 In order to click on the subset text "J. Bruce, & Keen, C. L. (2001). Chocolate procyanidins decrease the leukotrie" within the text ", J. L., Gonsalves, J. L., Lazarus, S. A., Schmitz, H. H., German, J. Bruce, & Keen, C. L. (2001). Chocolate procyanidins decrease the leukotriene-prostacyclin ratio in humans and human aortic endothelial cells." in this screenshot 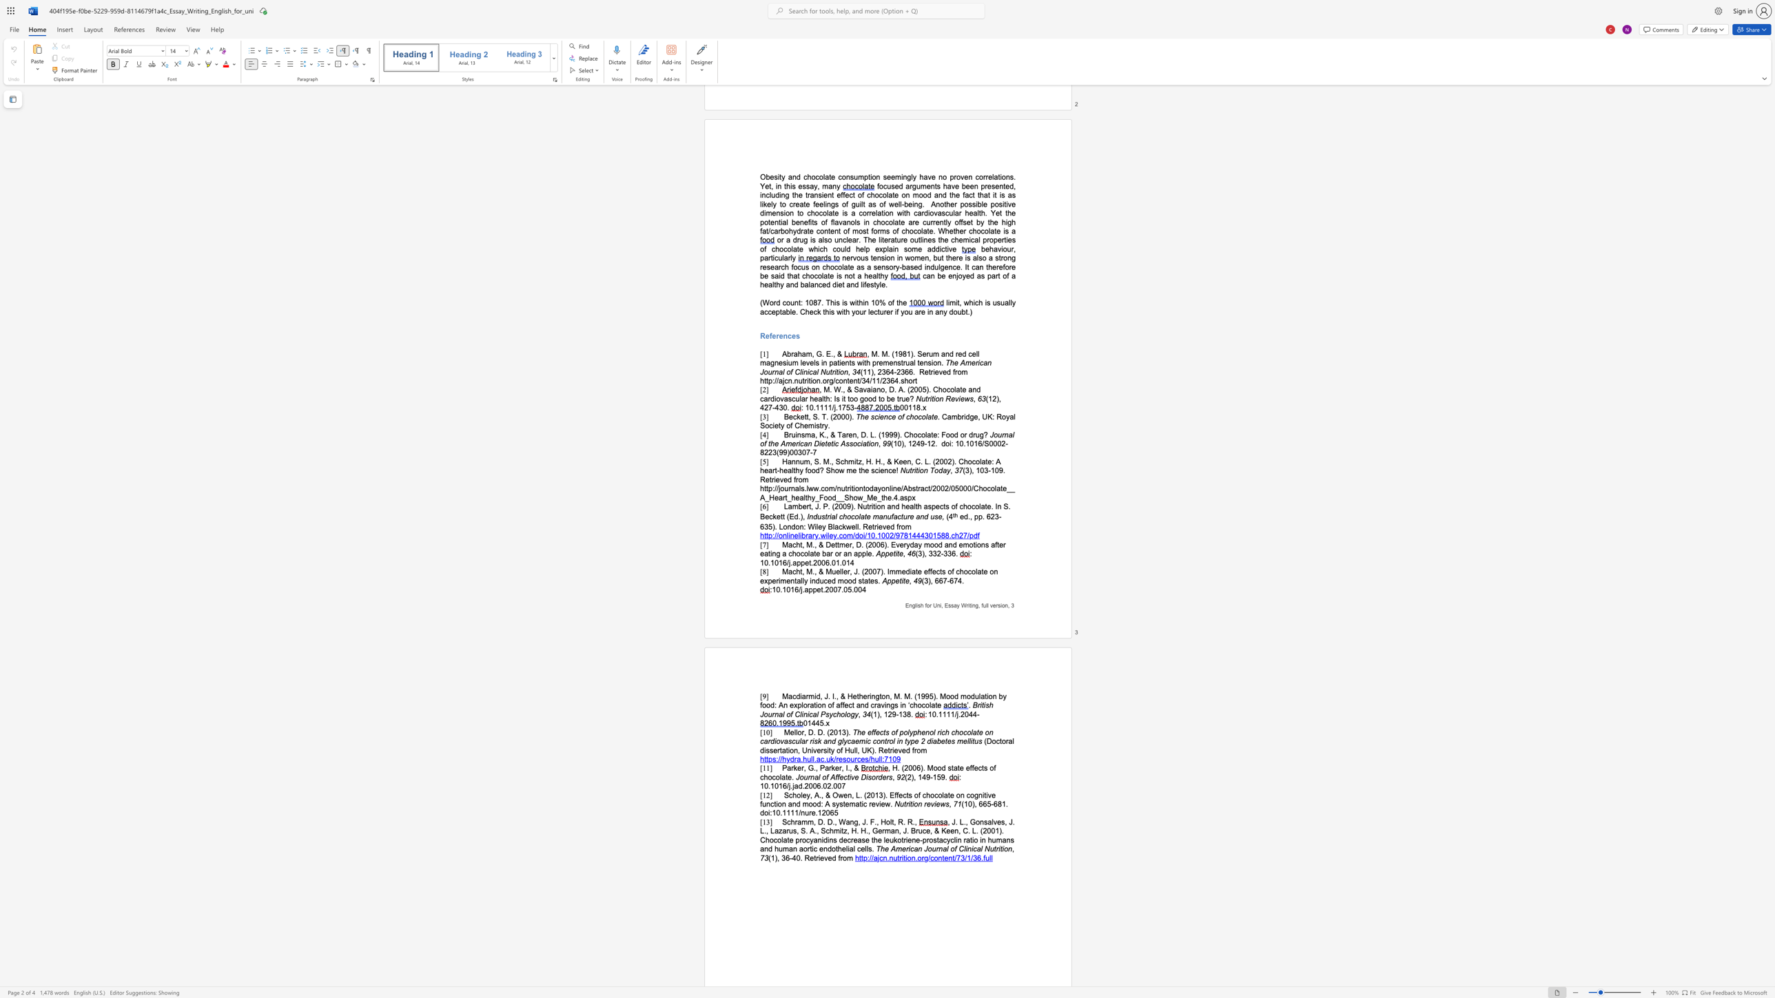, I will do `click(902, 830)`.